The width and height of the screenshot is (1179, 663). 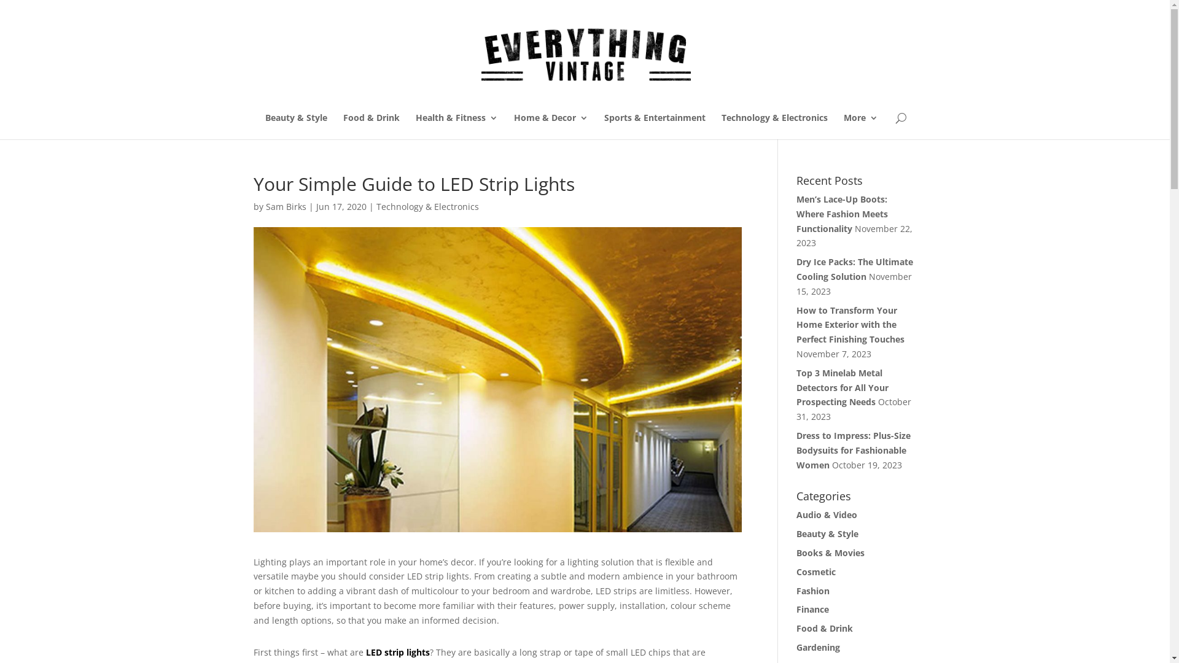 What do you see at coordinates (812, 609) in the screenshot?
I see `'Finance'` at bounding box center [812, 609].